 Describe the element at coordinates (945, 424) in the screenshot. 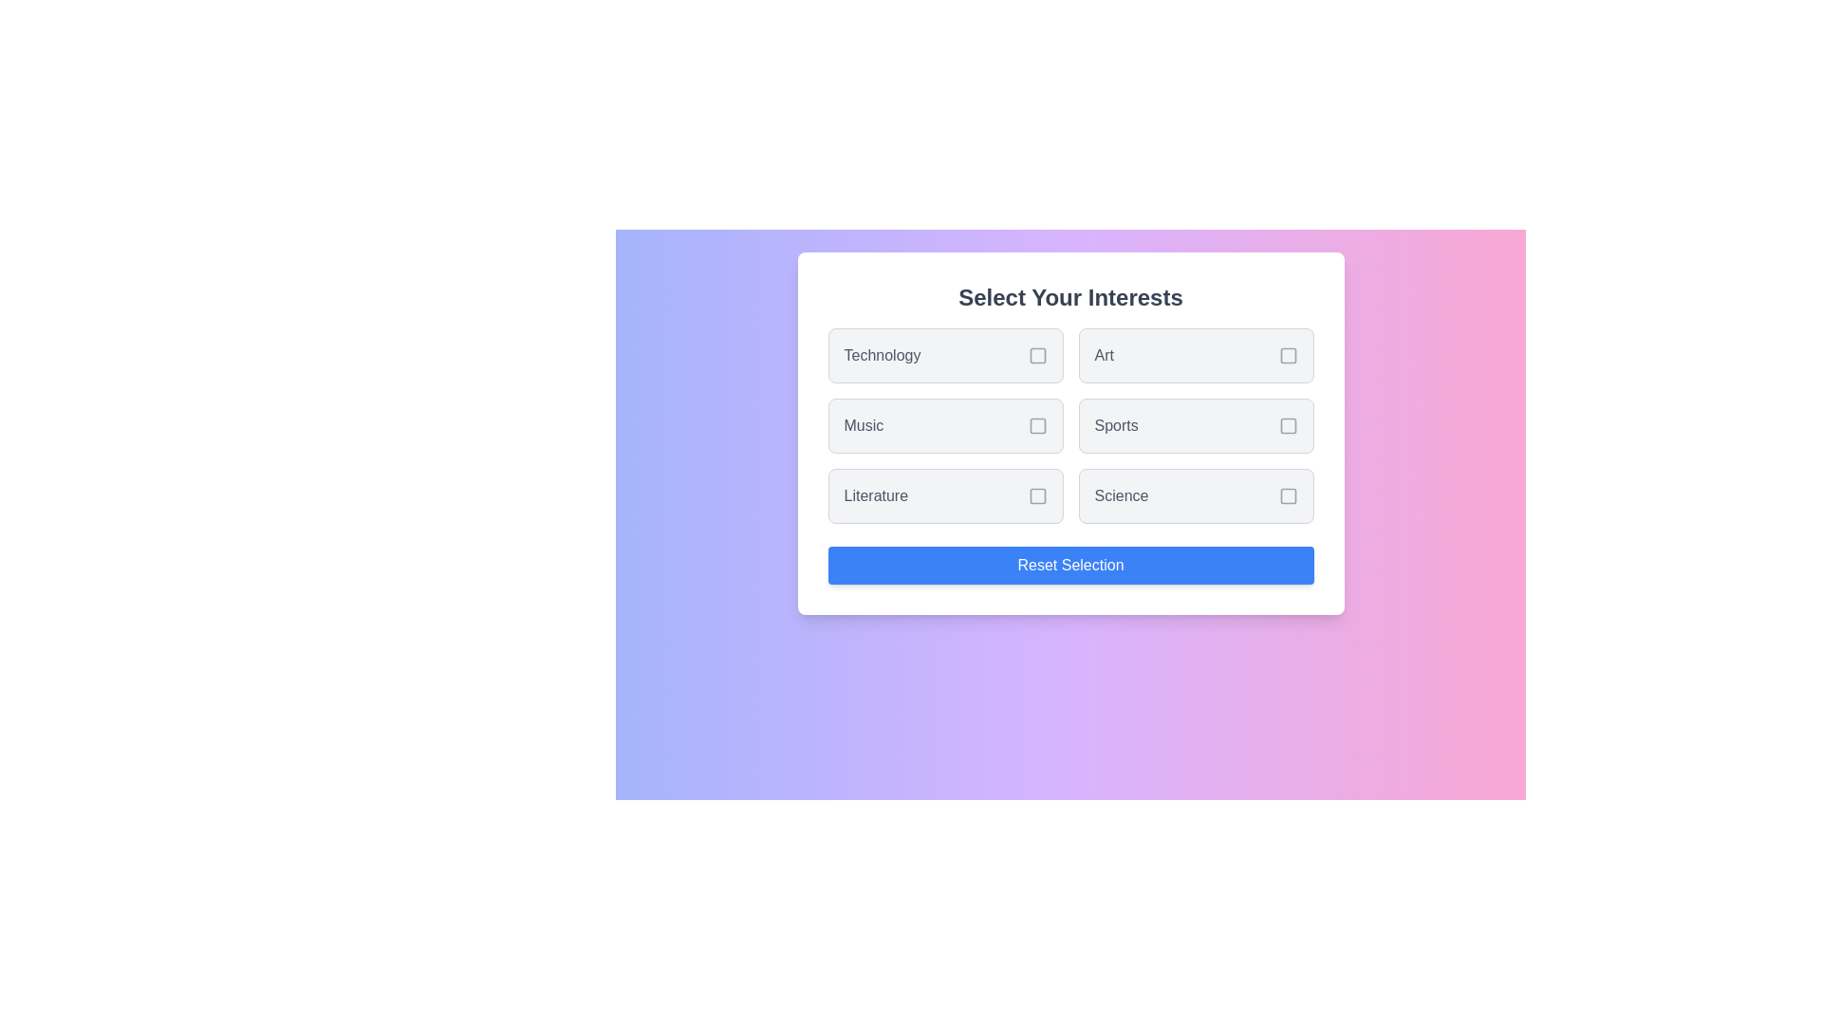

I see `the interest item labeled Music` at that location.